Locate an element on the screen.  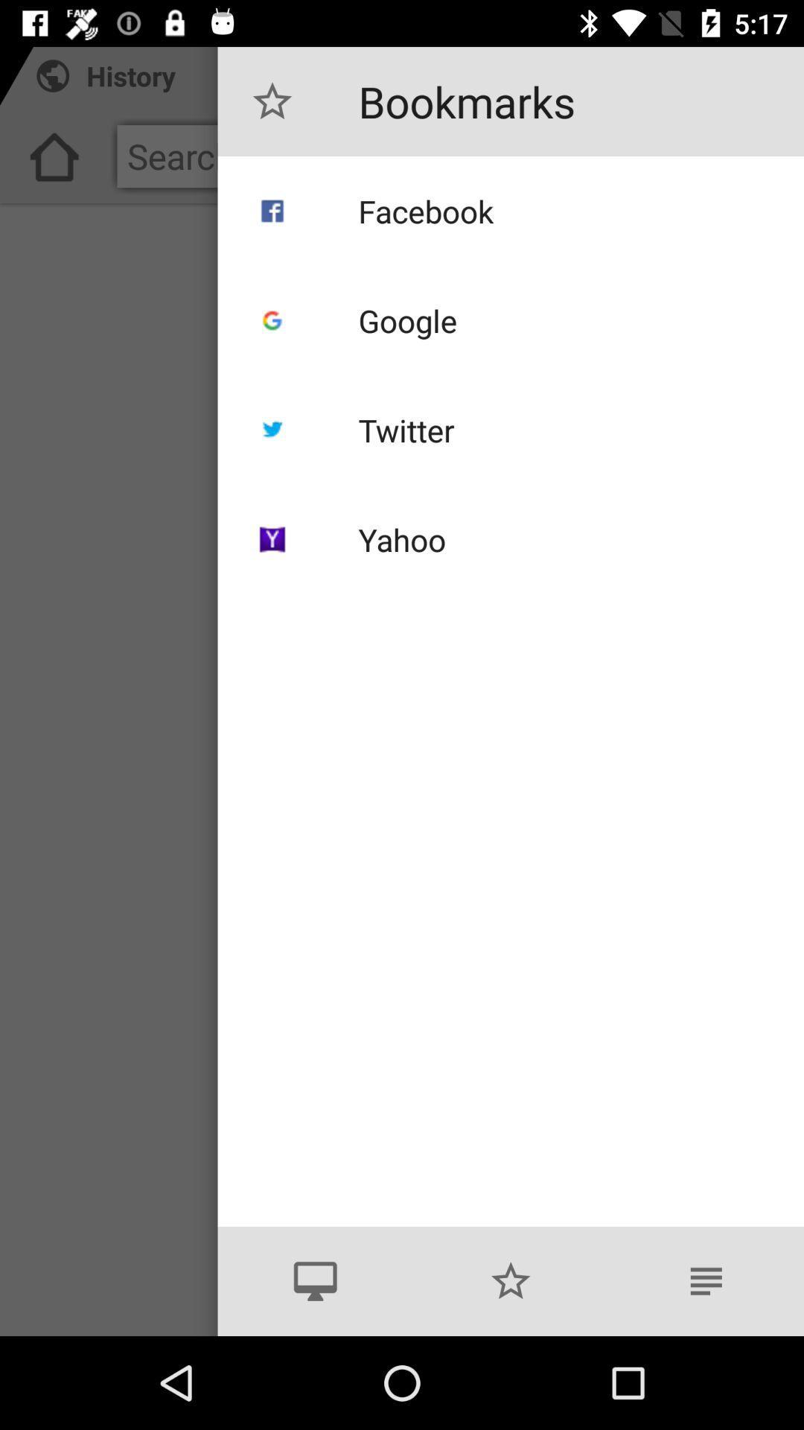
icon beside yahoo is located at coordinates (272, 538).